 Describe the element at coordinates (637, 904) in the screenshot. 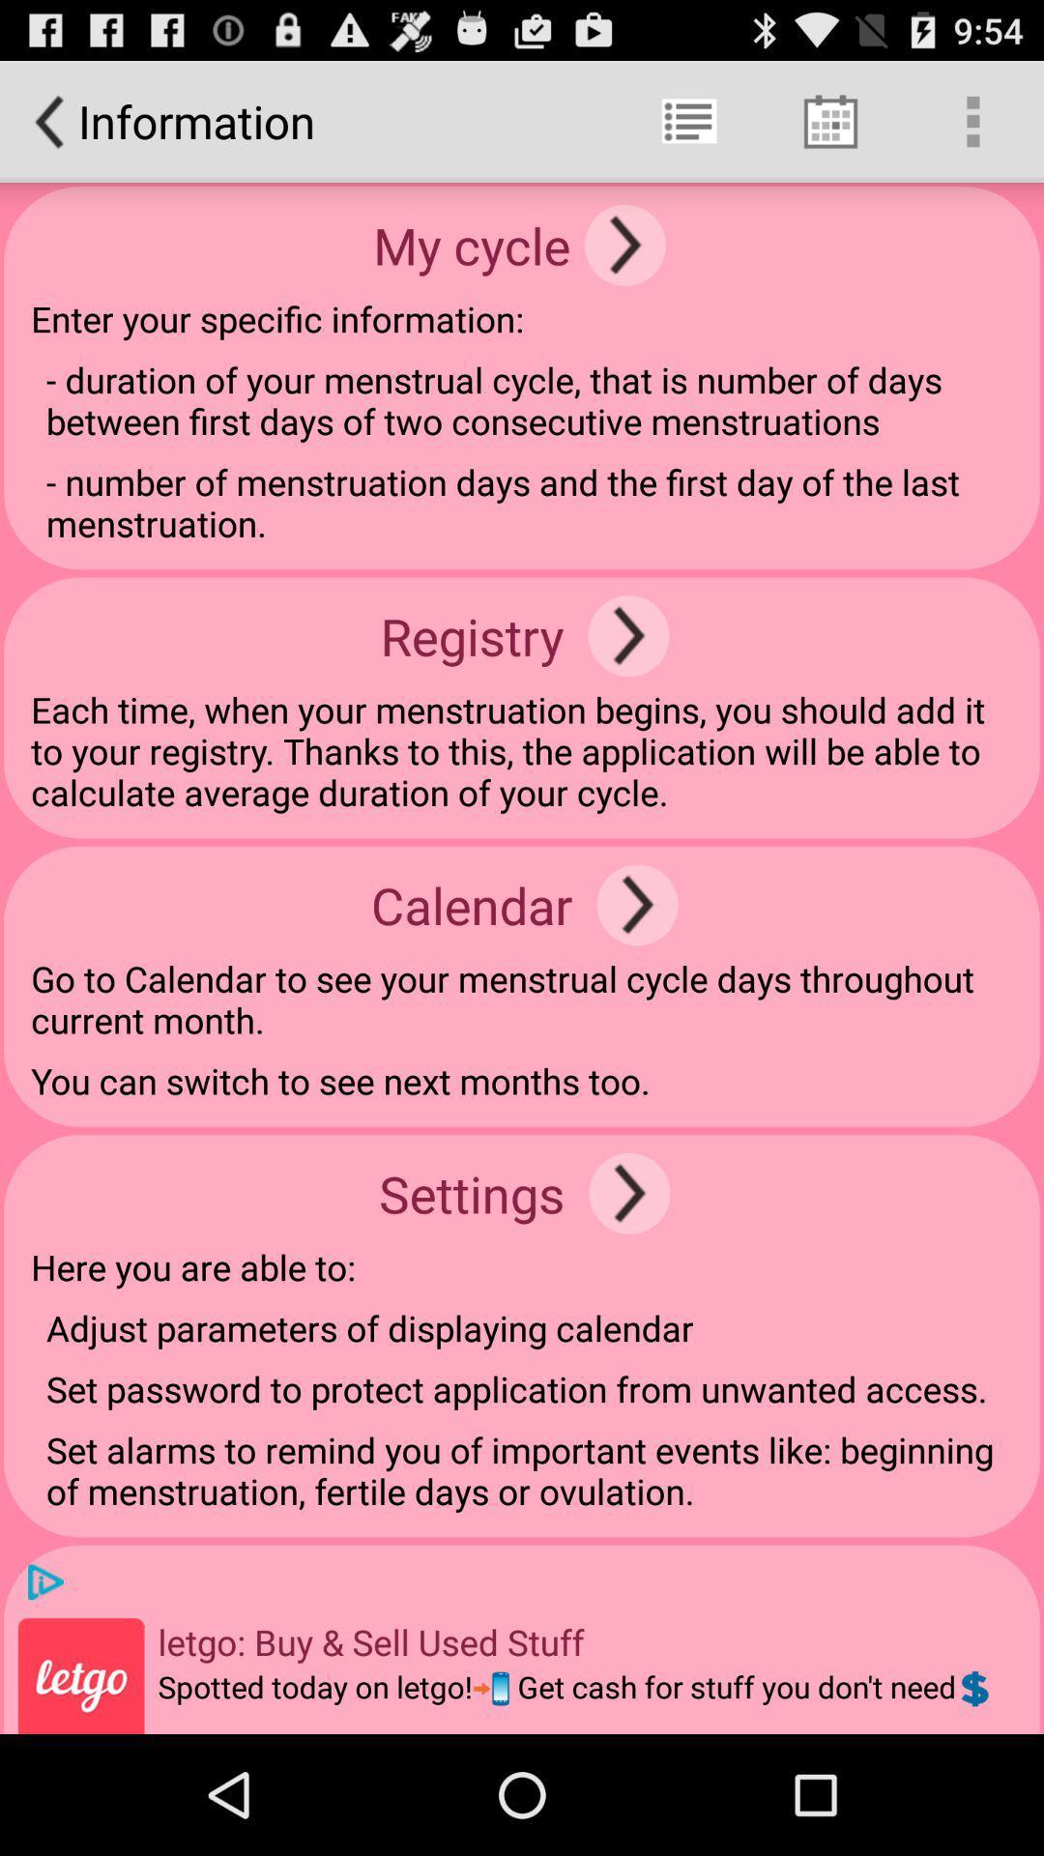

I see `calender option` at that location.